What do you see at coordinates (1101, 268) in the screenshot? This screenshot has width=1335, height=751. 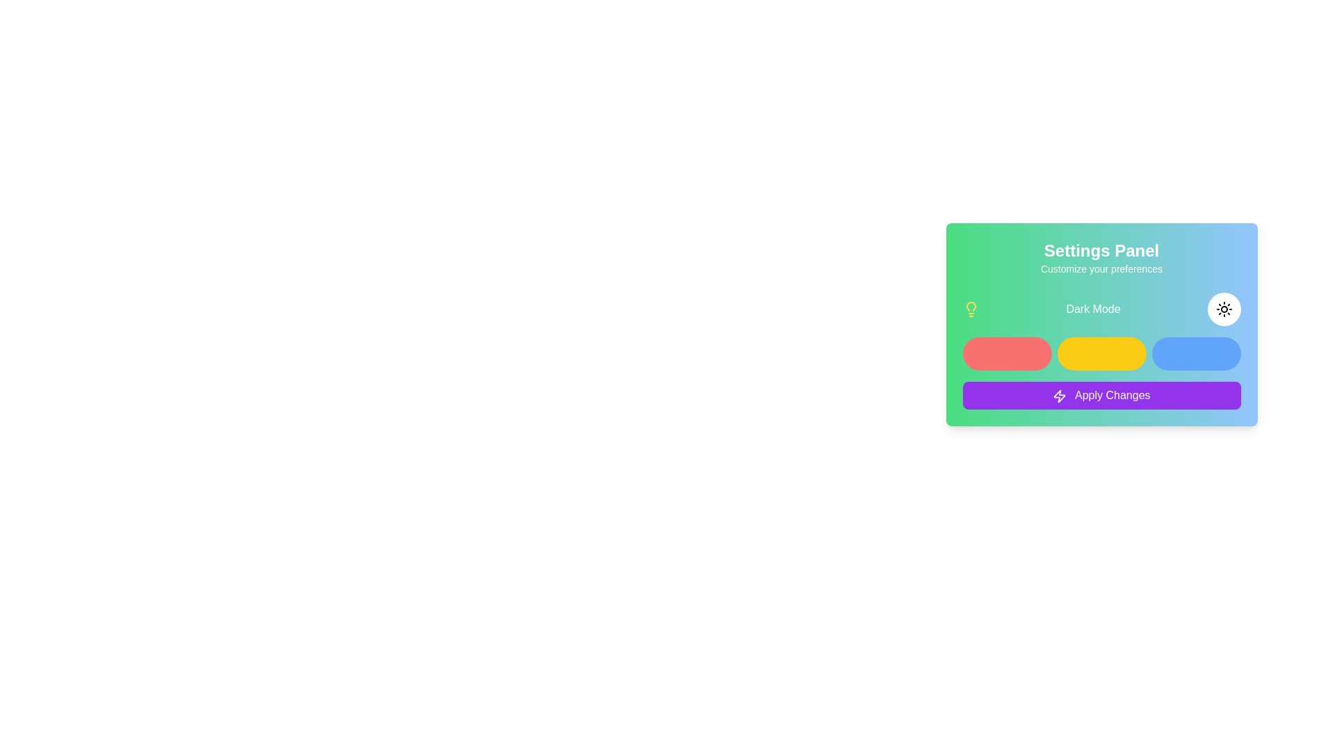 I see `the non-interactive Text label that serves as a subheading within the 'Settings Panel' interface, located directly beneath the 'Settings Panel' text` at bounding box center [1101, 268].